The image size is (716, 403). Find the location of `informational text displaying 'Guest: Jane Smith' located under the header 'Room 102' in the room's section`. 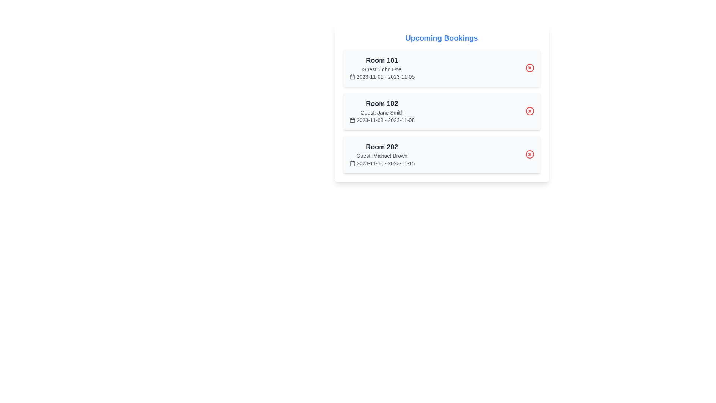

informational text displaying 'Guest: Jane Smith' located under the header 'Room 102' in the room's section is located at coordinates (382, 112).